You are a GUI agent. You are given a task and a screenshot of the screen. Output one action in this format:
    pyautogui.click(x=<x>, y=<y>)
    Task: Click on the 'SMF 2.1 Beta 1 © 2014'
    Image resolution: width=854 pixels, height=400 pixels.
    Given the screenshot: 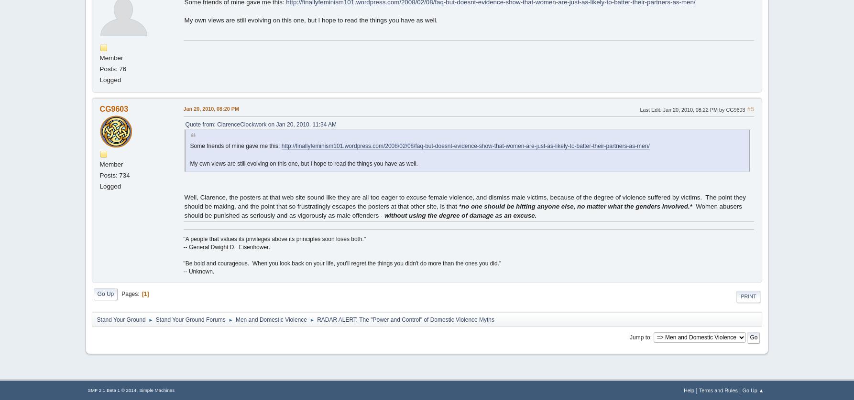 What is the action you would take?
    pyautogui.click(x=87, y=389)
    